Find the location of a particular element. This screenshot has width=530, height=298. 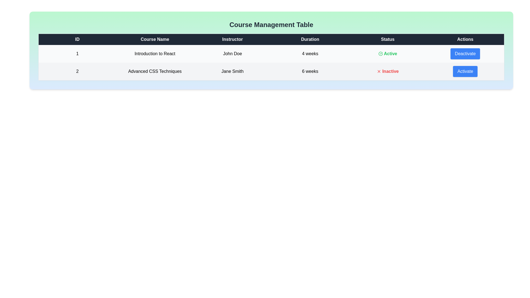

the text label '6 weeks' located in the 'Duration' column of the 'Course Management Table' under the 'Advanced CSS Techniques' course row is located at coordinates (310, 71).